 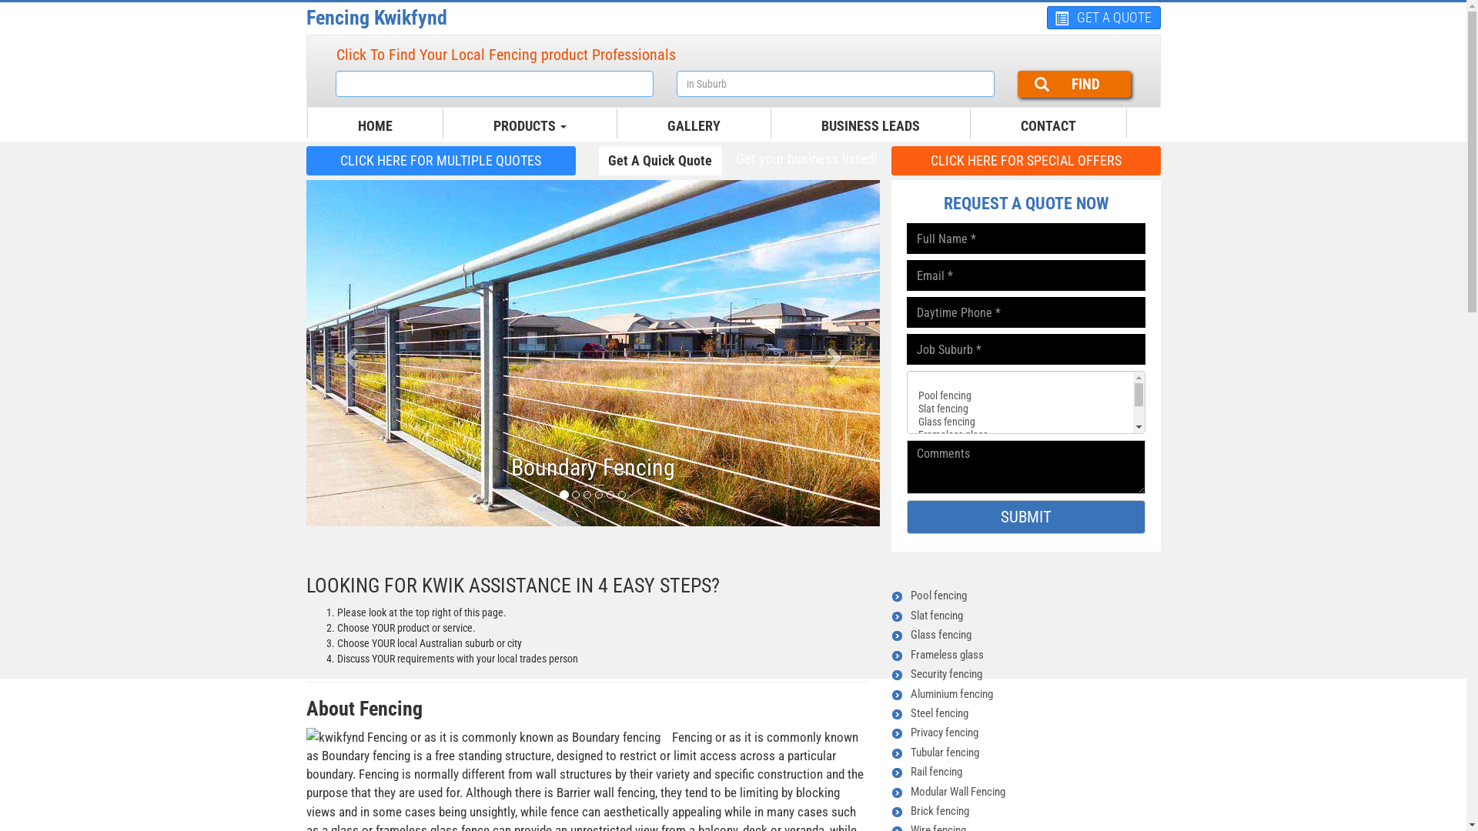 What do you see at coordinates (306, 18) in the screenshot?
I see `'Fencing Kwikfynd'` at bounding box center [306, 18].